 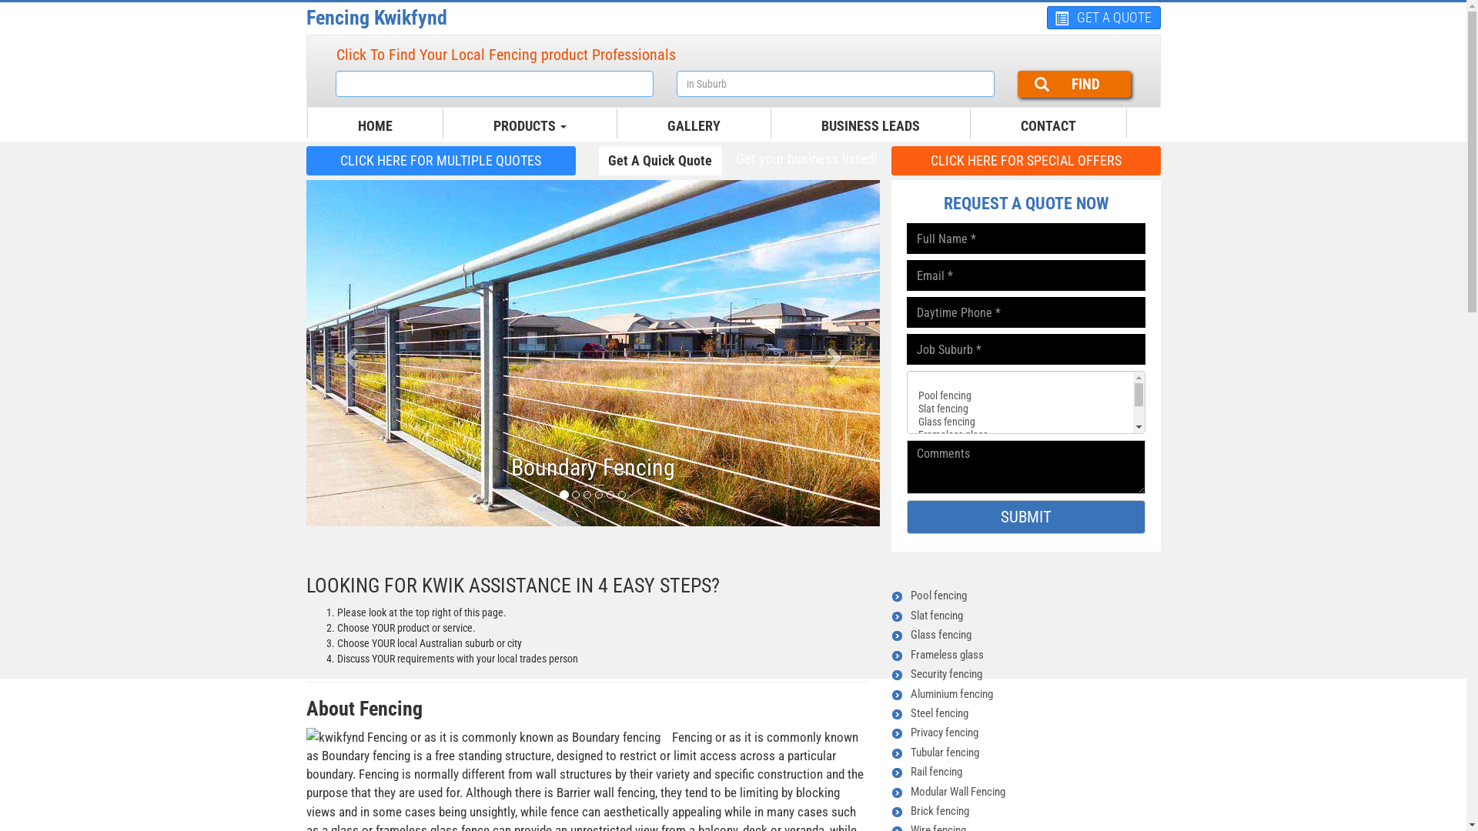 What do you see at coordinates (306, 18) in the screenshot?
I see `'Fencing Kwikfynd'` at bounding box center [306, 18].